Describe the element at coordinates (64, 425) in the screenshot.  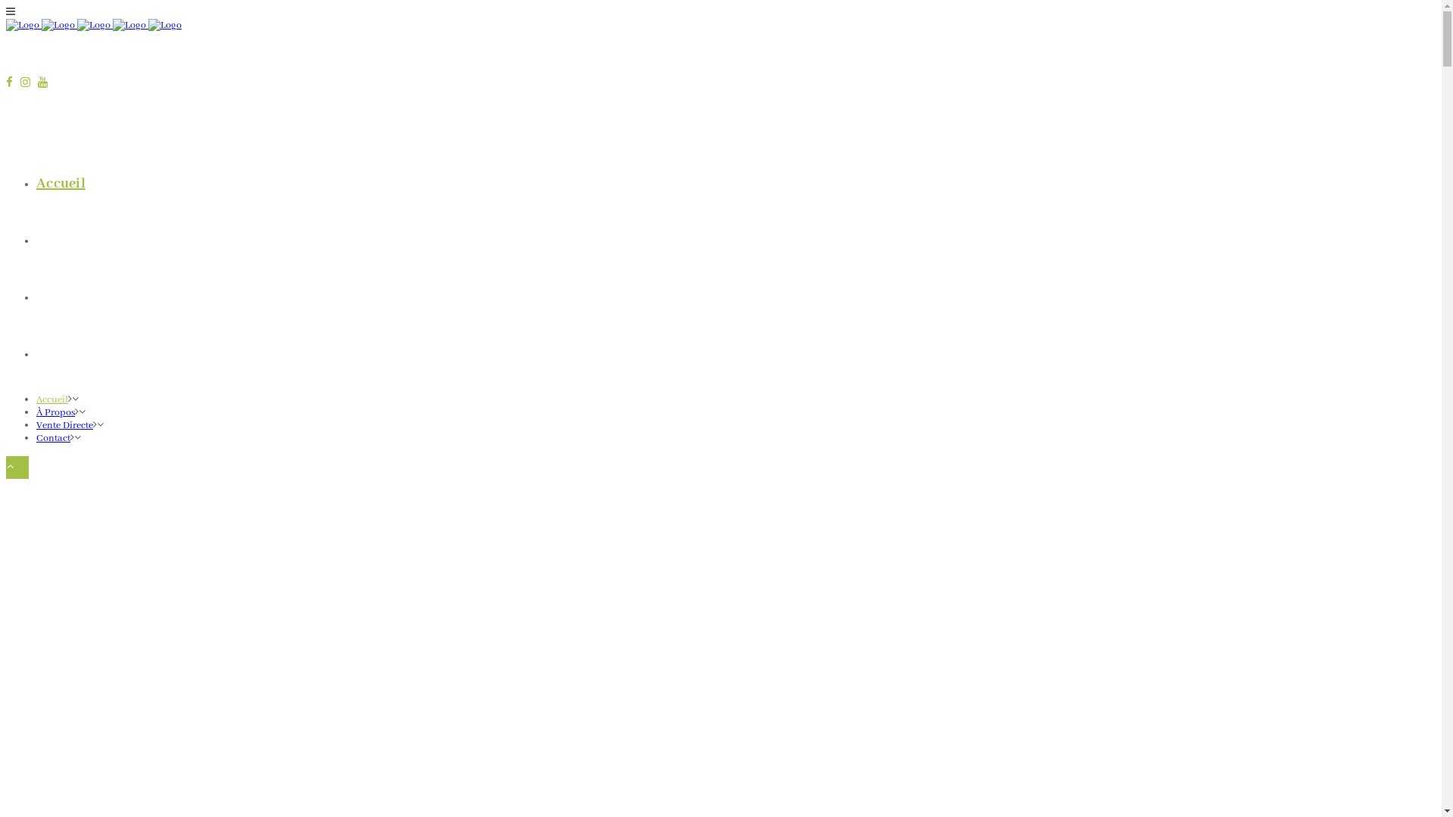
I see `'Vente Directe'` at that location.